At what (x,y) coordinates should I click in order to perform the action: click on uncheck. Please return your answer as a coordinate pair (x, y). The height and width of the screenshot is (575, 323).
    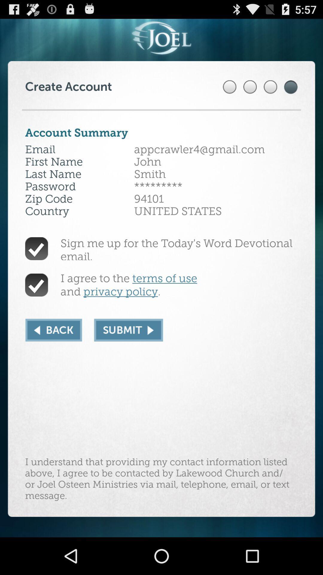
    Looking at the image, I should click on (36, 285).